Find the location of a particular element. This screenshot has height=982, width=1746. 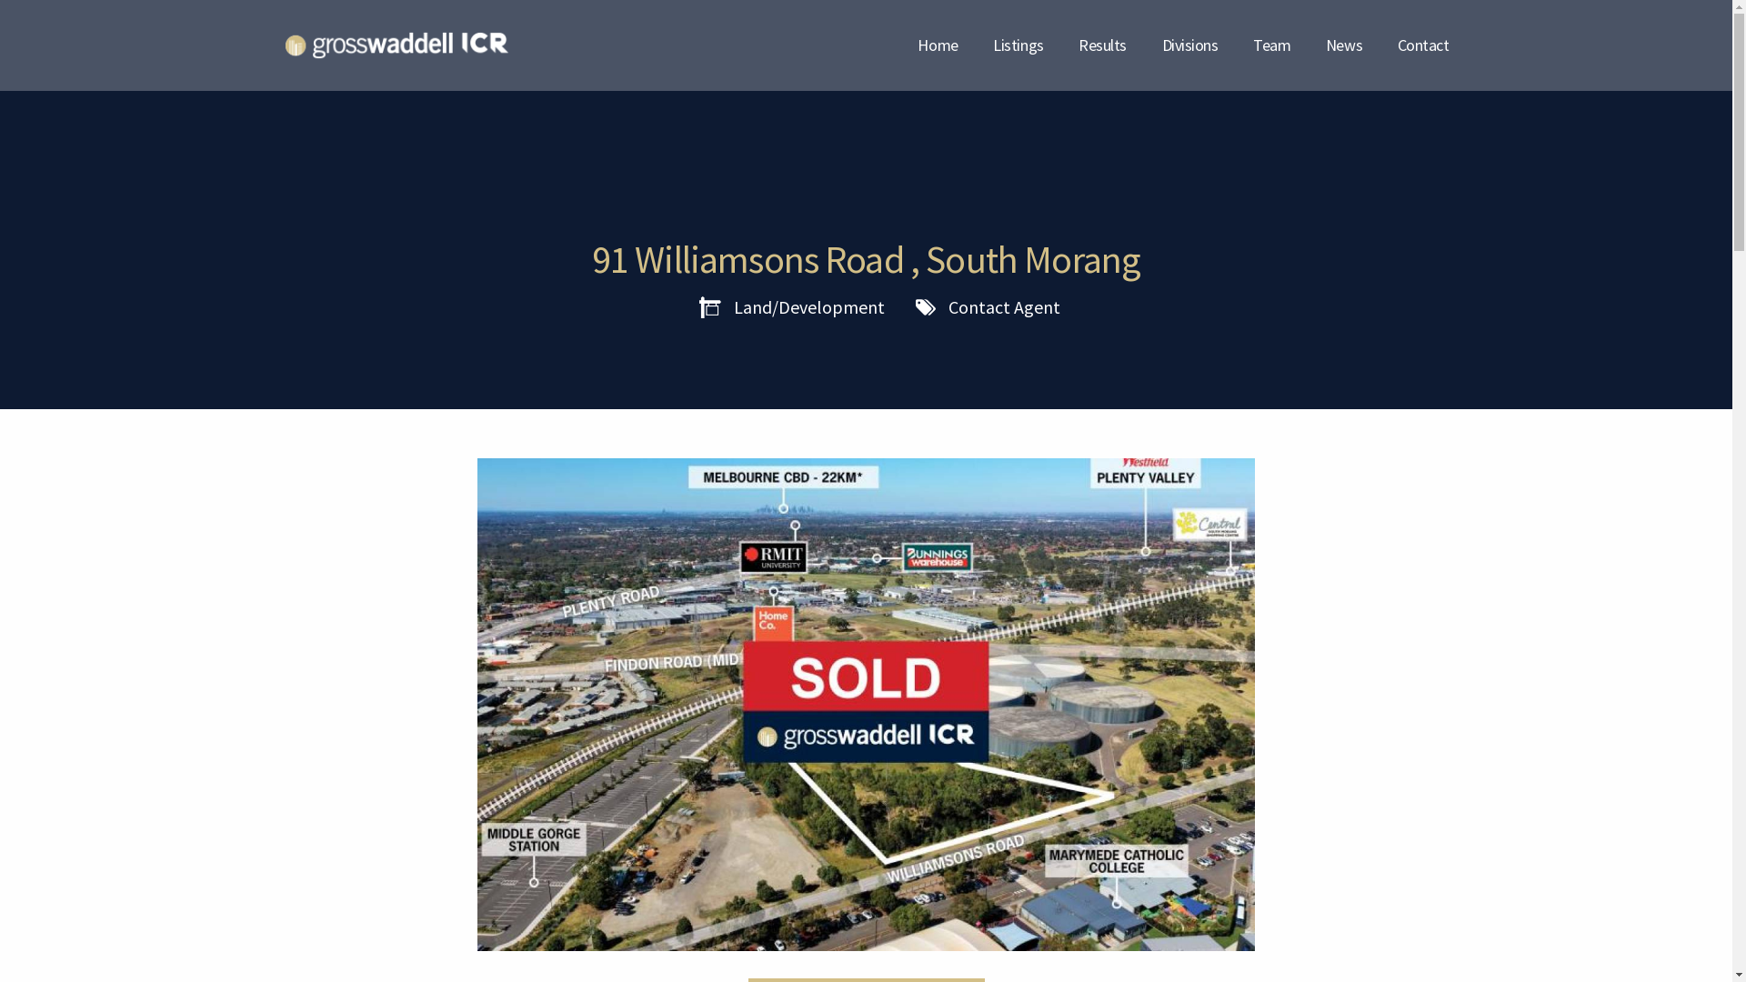

'Team' is located at coordinates (1270, 44).